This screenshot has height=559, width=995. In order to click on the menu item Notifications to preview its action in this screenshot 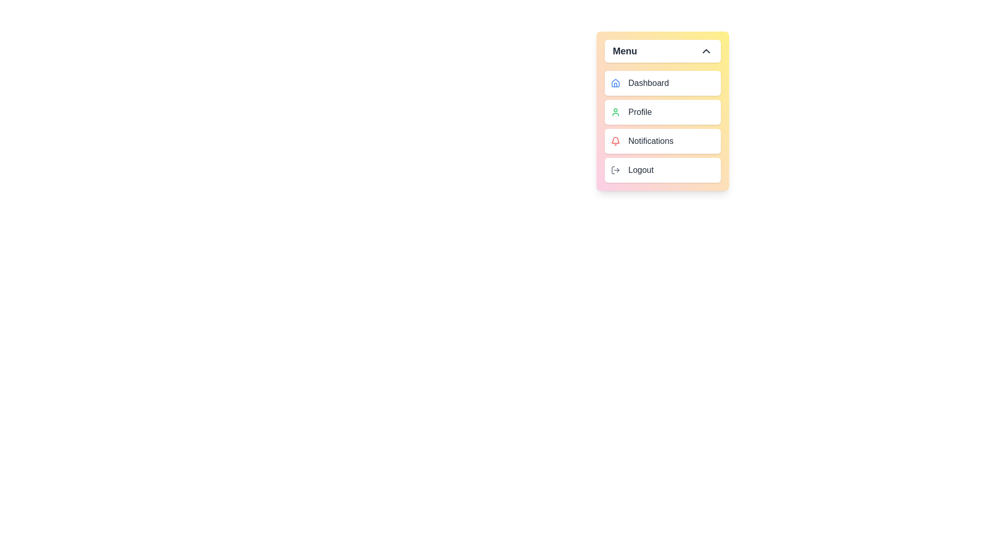, I will do `click(662, 141)`.